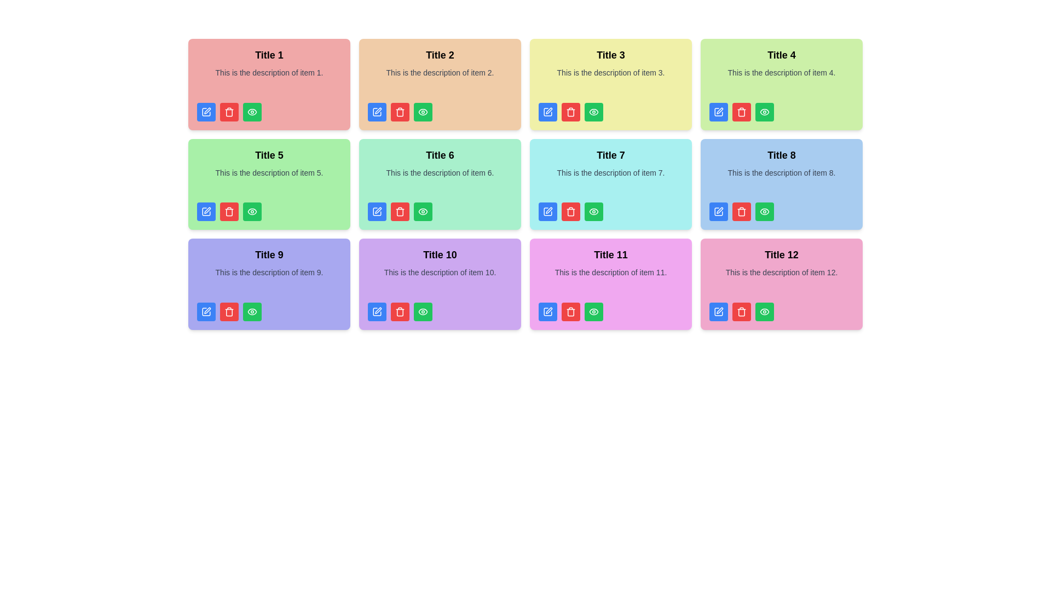 This screenshot has height=591, width=1051. I want to click on the visibility toggle icon, which is the third button in the action button group under the card labeled 'Title 7', so click(593, 211).